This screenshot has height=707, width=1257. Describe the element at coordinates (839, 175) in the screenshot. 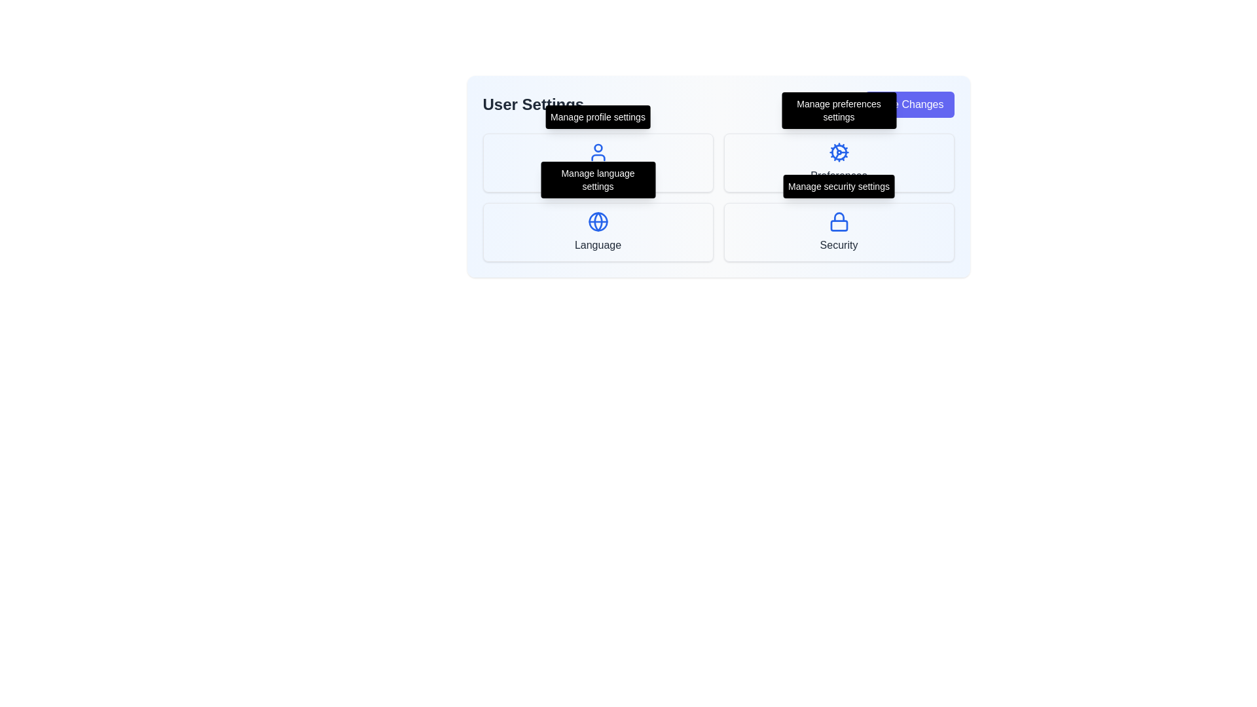

I see `the Text Label element that serves as a heading for the preferences card, located centrally below the gear icon in the preferences section` at that location.